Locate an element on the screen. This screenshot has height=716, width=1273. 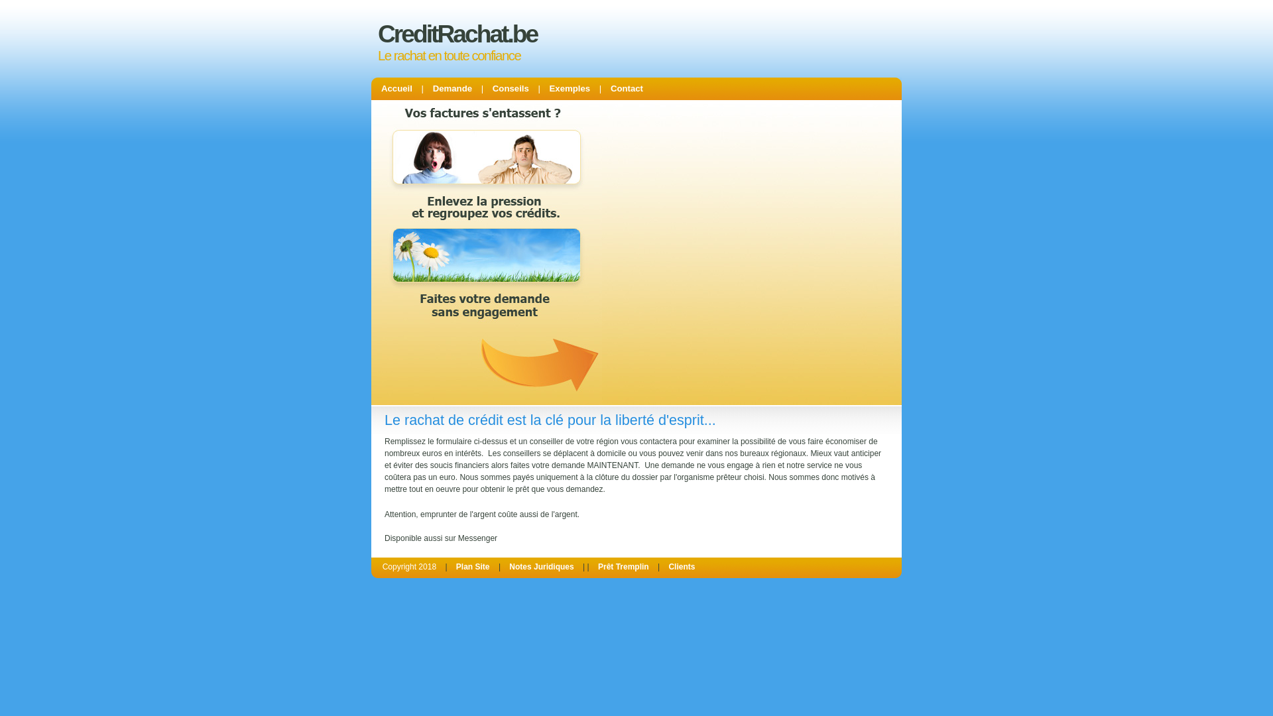
'Accueil' is located at coordinates (396, 88).